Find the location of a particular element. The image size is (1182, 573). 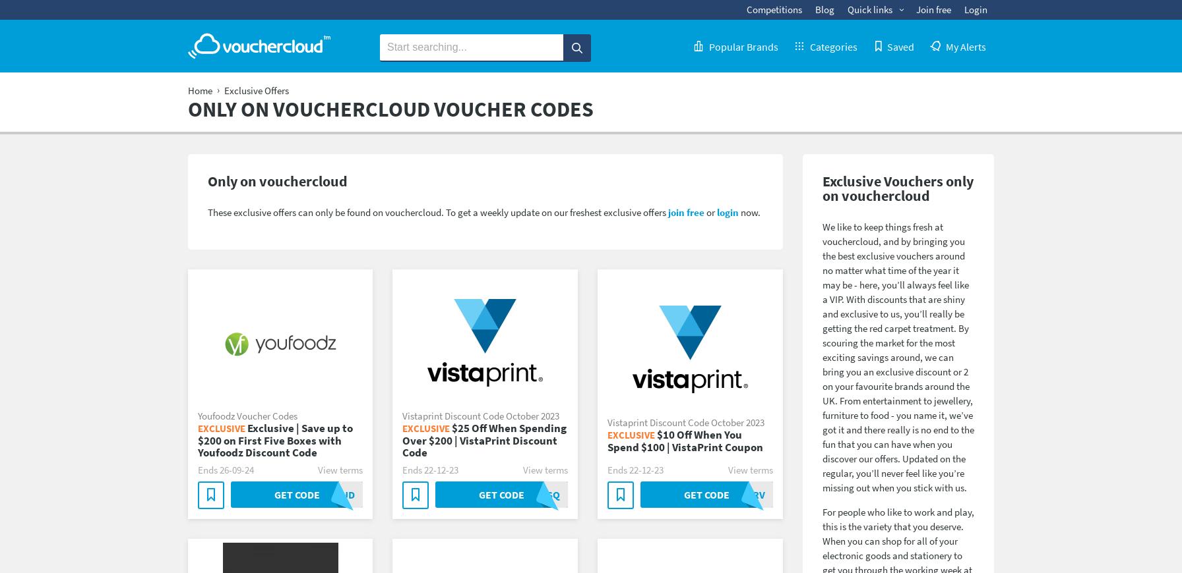

'Youfoodz Voucher Codes' is located at coordinates (197, 414).